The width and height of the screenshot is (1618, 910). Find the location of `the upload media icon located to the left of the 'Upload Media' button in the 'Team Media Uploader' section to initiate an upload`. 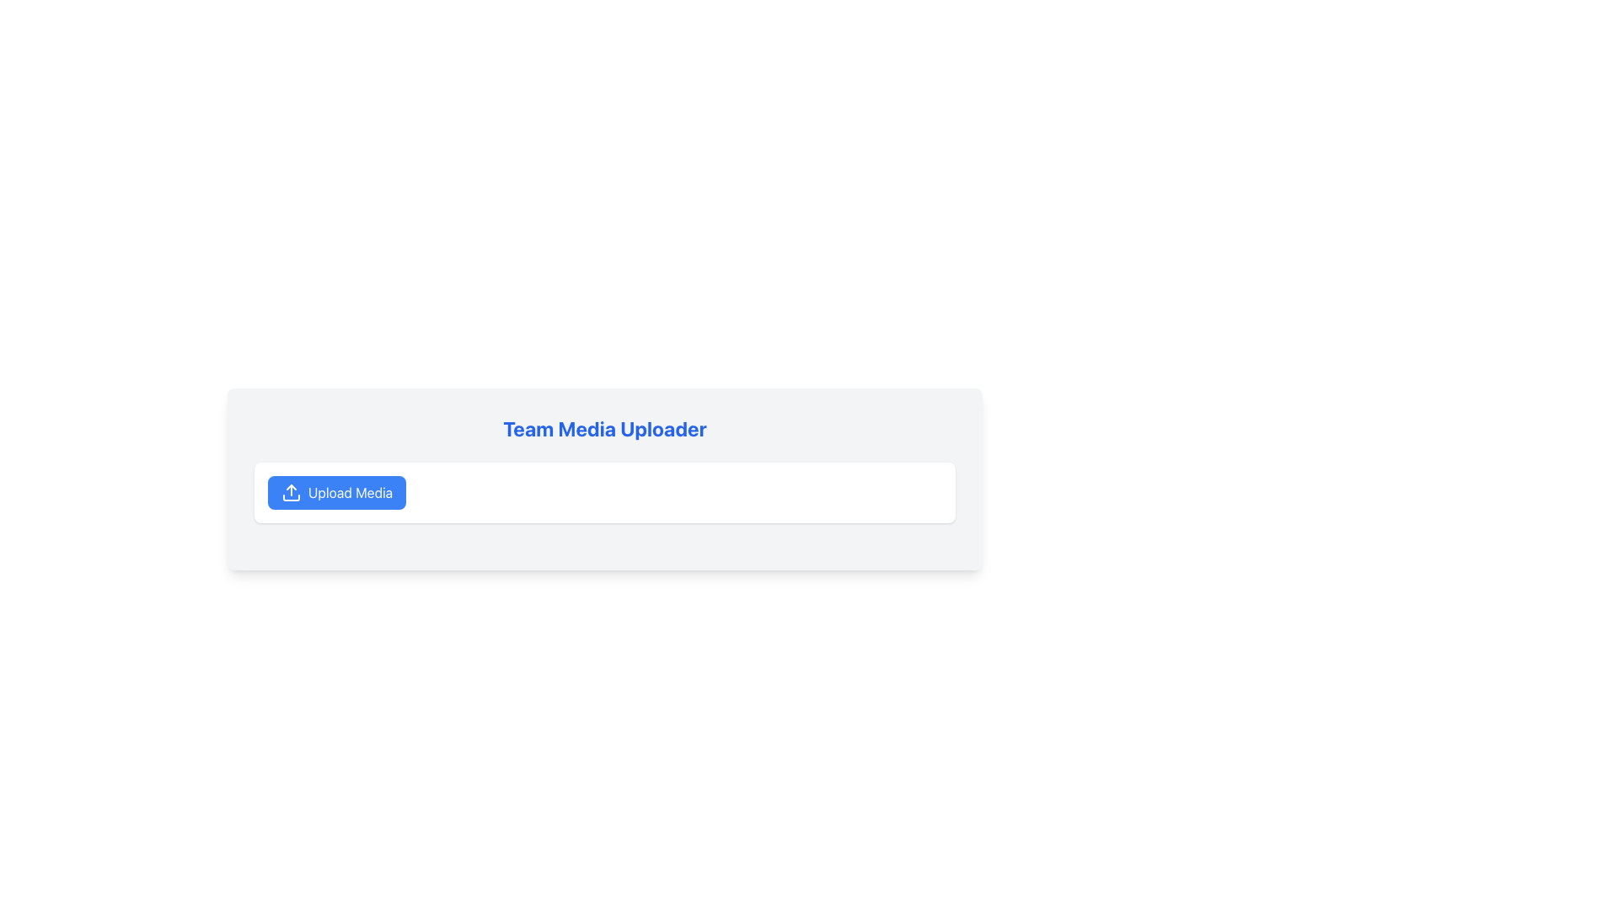

the upload media icon located to the left of the 'Upload Media' button in the 'Team Media Uploader' section to initiate an upload is located at coordinates (291, 493).